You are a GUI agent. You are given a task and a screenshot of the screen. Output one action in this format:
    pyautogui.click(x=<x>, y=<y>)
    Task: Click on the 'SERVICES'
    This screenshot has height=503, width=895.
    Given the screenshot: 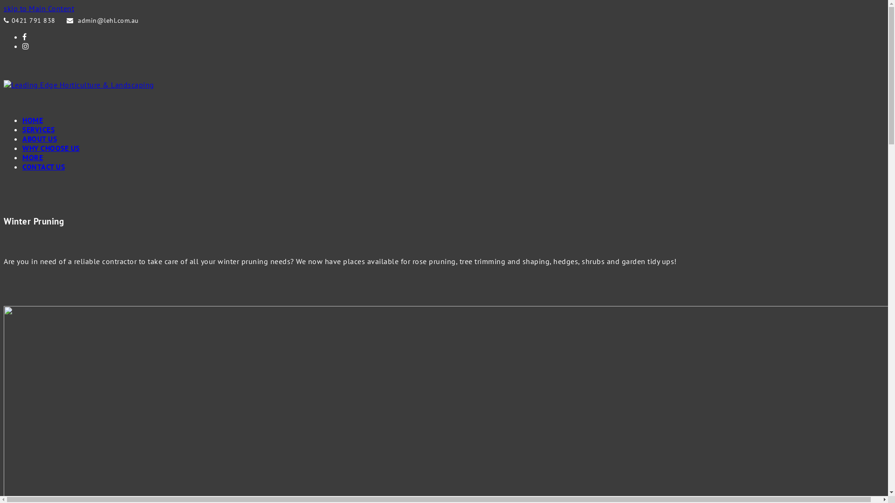 What is the action you would take?
    pyautogui.click(x=38, y=129)
    